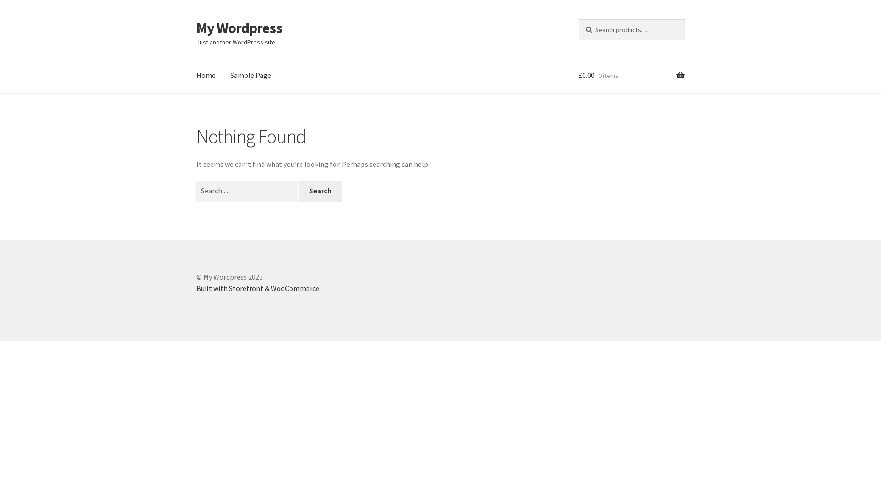 The height and width of the screenshot is (495, 881). What do you see at coordinates (578, 19) in the screenshot?
I see `'Search'` at bounding box center [578, 19].